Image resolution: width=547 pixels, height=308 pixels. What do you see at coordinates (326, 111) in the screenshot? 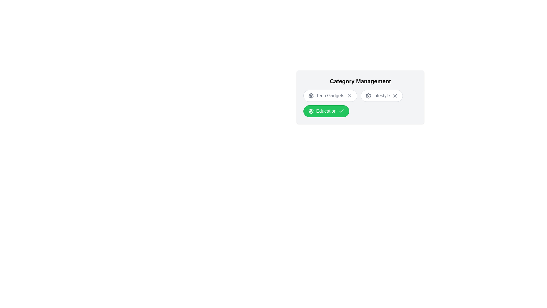
I see `the Education chip to toggle its activation state` at bounding box center [326, 111].